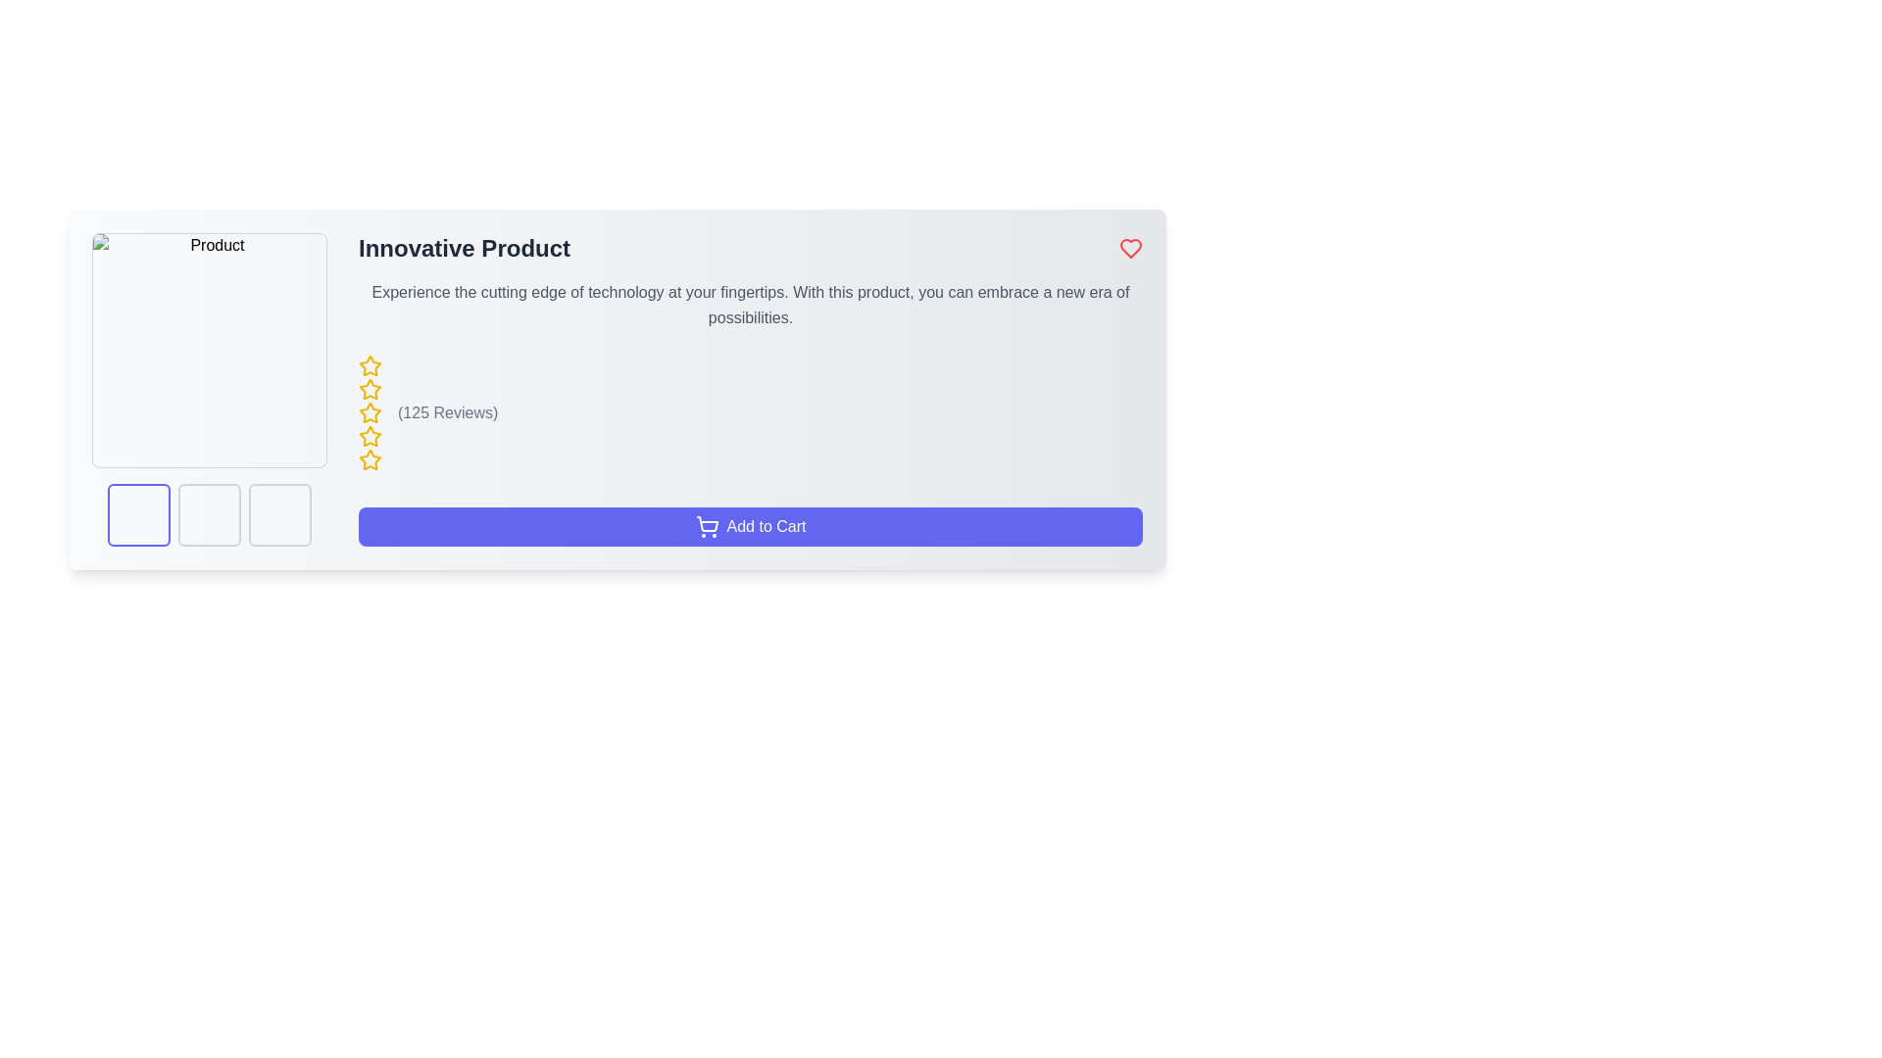 This screenshot has height=1058, width=1882. I want to click on the 'Add to Cart' button, which is a rectangular button with a blue background and white text, located at the bottom of the product details section, so click(750, 525).